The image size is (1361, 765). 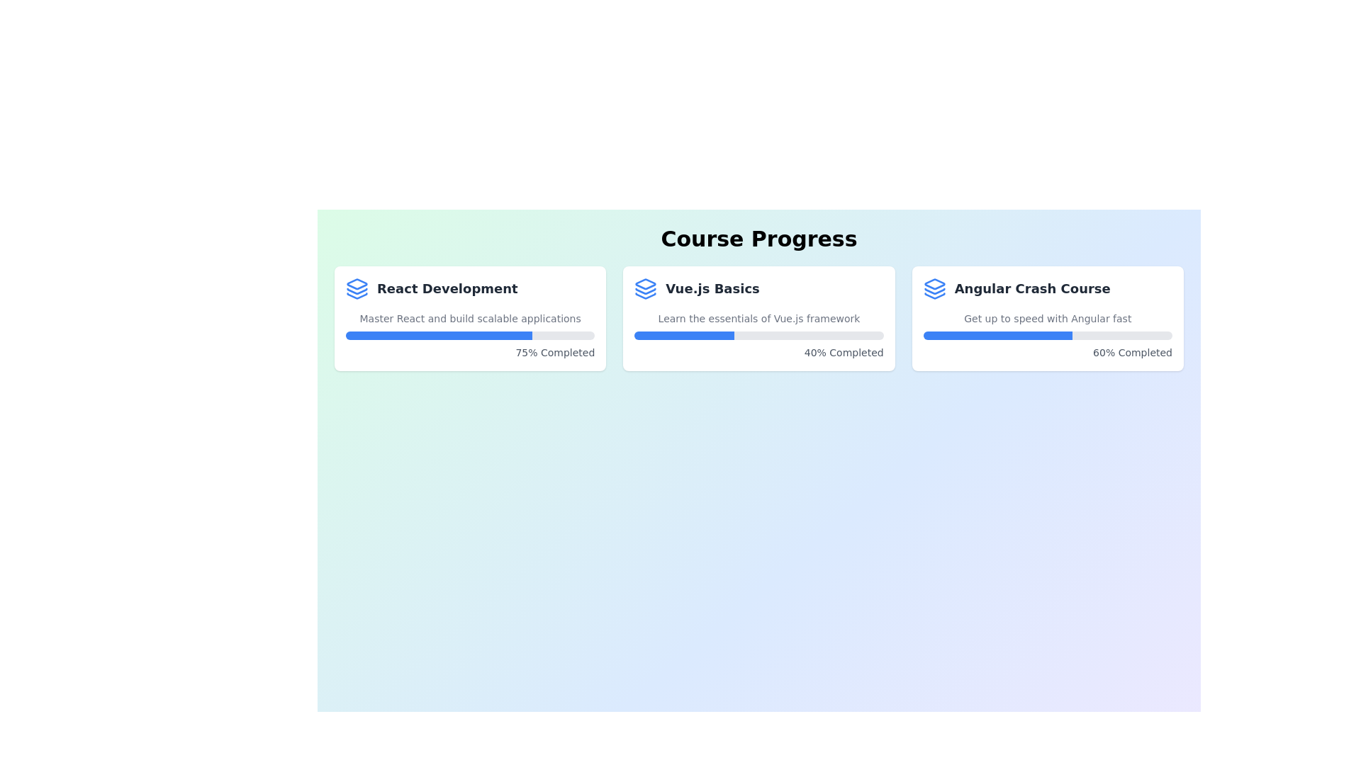 I want to click on the course card for Vue.js Basics, so click(x=758, y=319).